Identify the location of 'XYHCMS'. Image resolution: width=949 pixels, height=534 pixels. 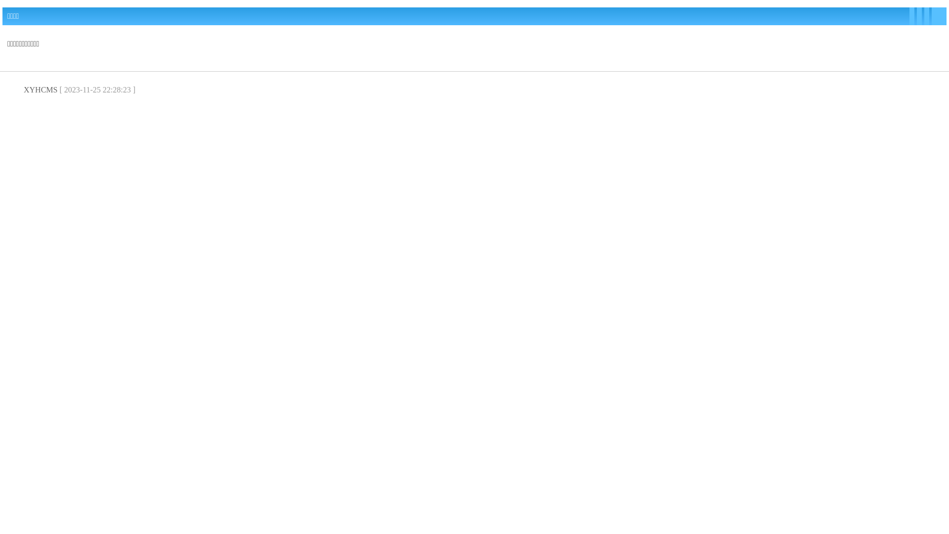
(40, 89).